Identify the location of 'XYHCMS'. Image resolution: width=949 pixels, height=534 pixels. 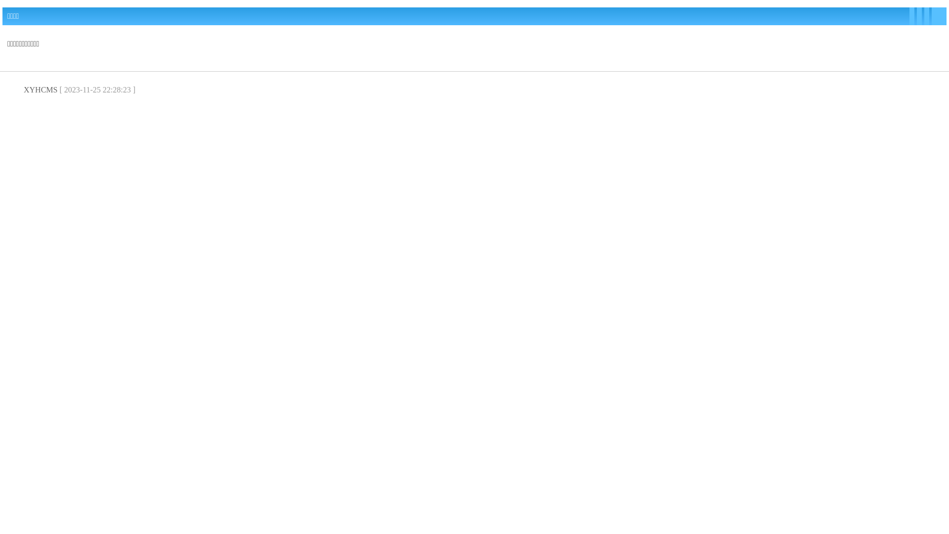
(40, 89).